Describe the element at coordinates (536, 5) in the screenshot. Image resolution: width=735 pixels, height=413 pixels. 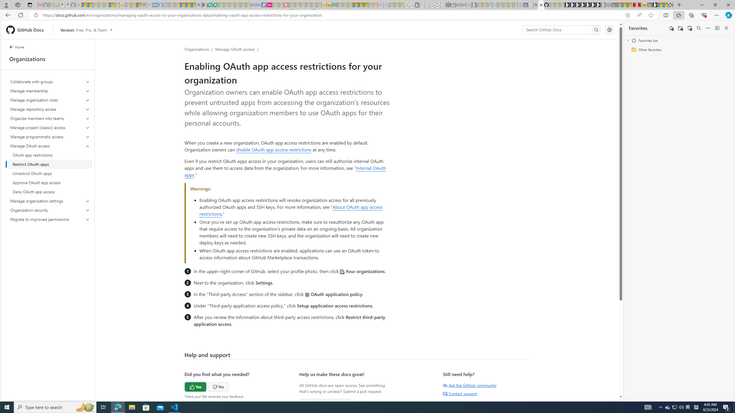
I see `'github - Search'` at that location.